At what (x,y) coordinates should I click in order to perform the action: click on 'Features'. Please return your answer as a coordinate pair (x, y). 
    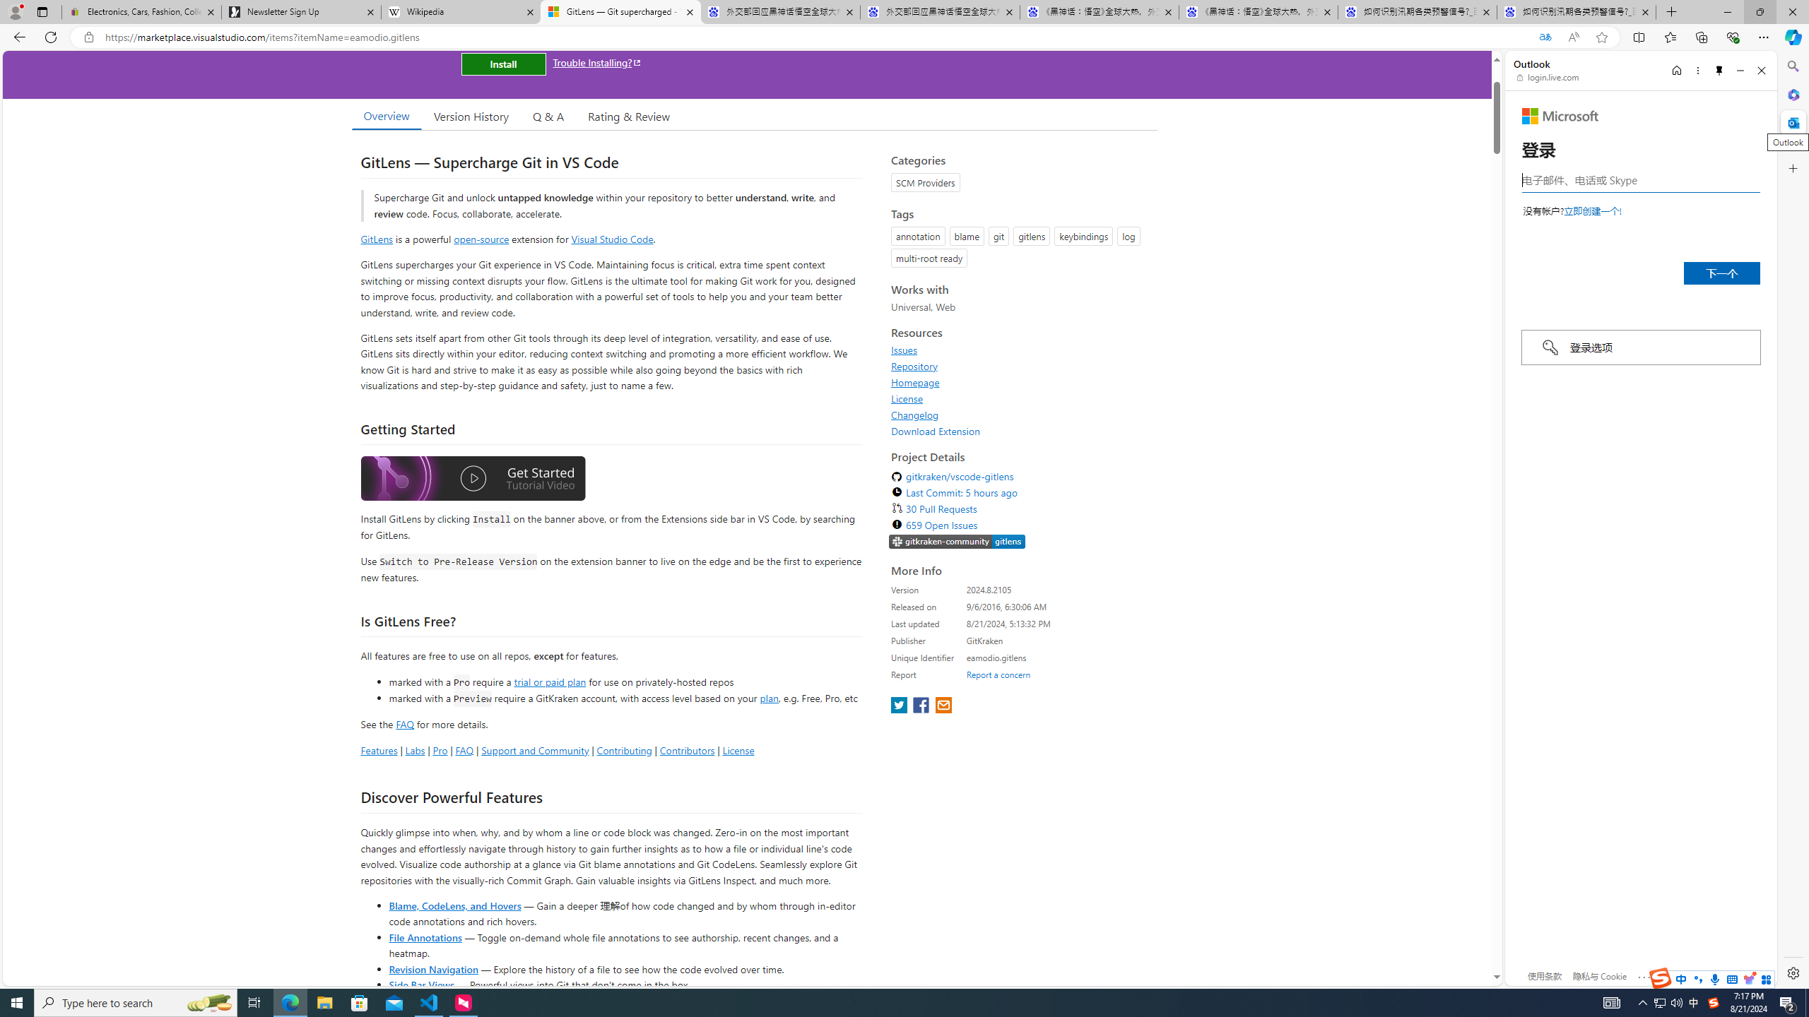
    Looking at the image, I should click on (378, 749).